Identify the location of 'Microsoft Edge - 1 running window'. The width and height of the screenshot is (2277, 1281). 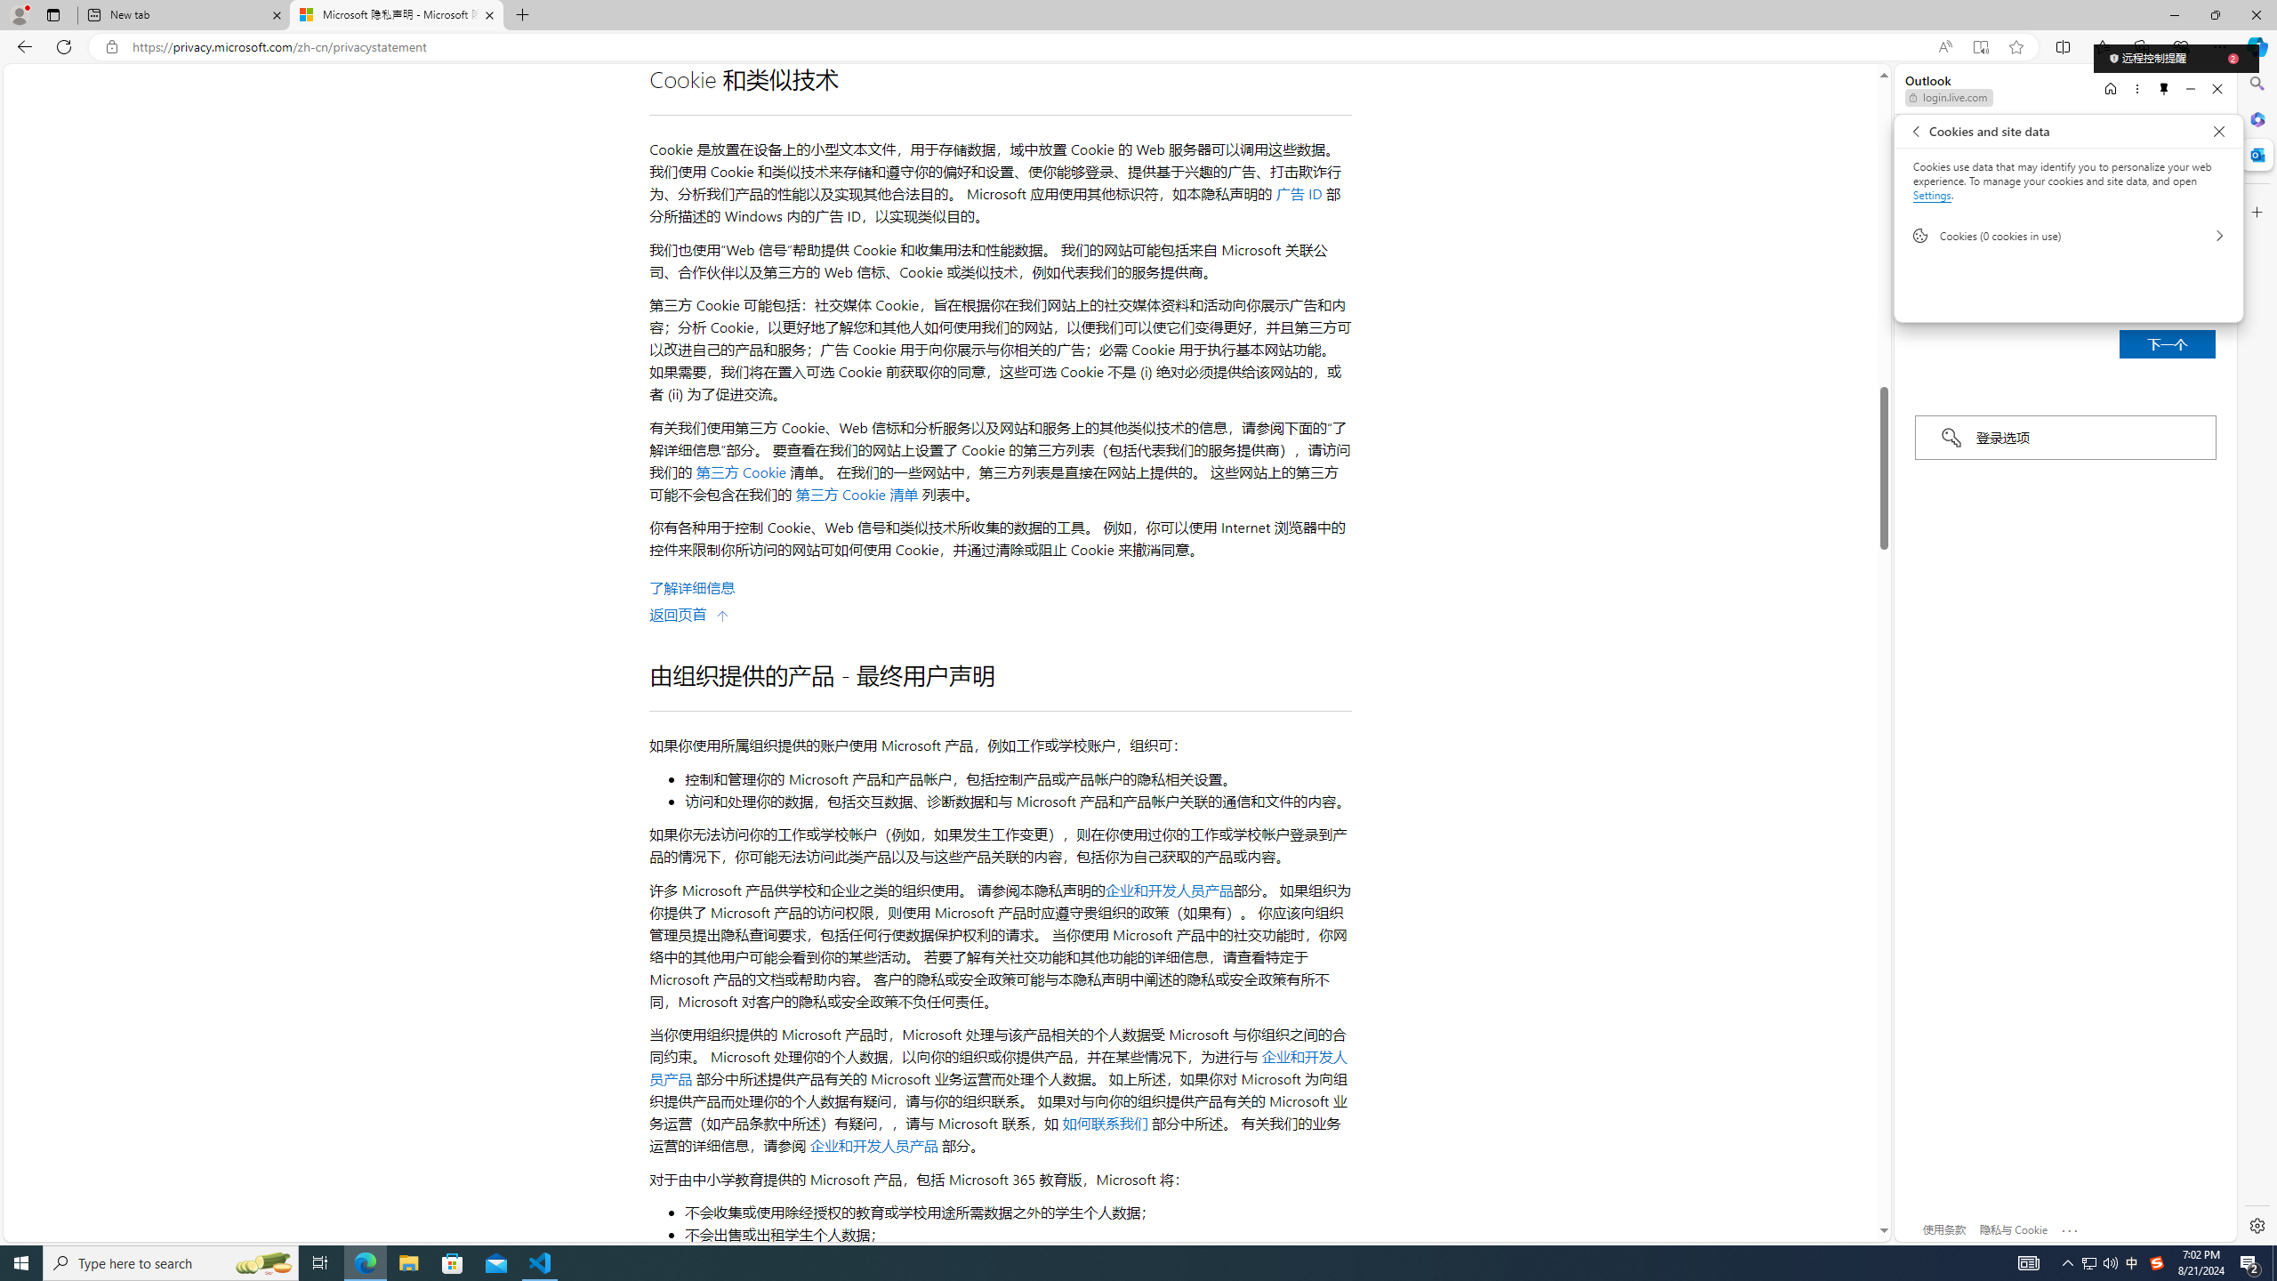
(364, 1261).